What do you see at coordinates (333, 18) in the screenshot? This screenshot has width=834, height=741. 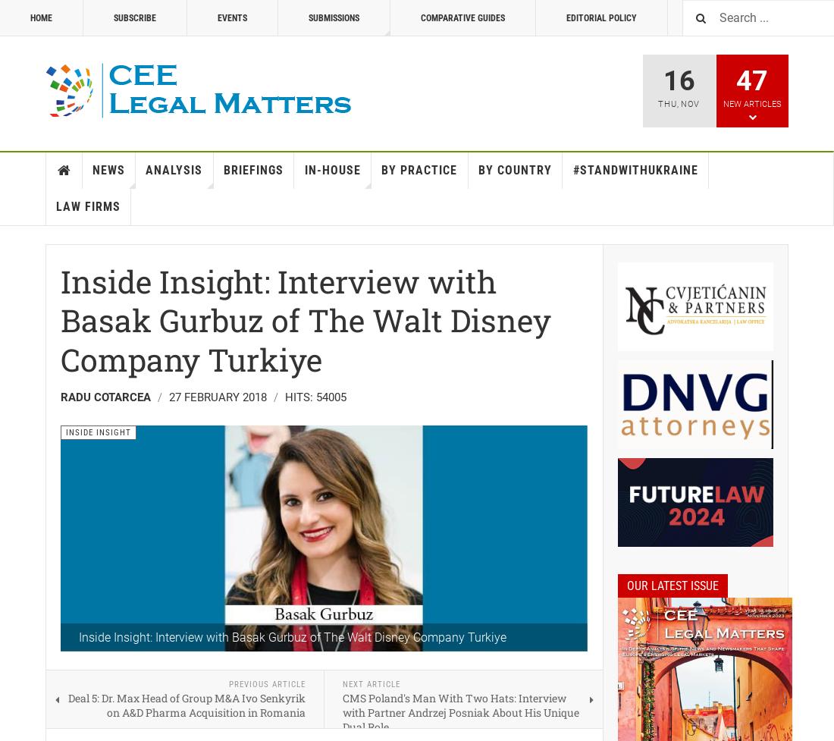 I see `'Submissions'` at bounding box center [333, 18].